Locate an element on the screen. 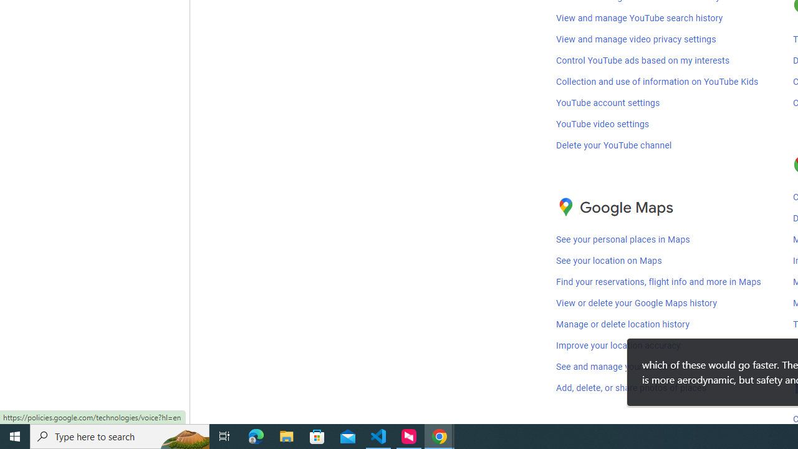 The width and height of the screenshot is (798, 449). 'Control YouTube ads based on my interests' is located at coordinates (643, 60).